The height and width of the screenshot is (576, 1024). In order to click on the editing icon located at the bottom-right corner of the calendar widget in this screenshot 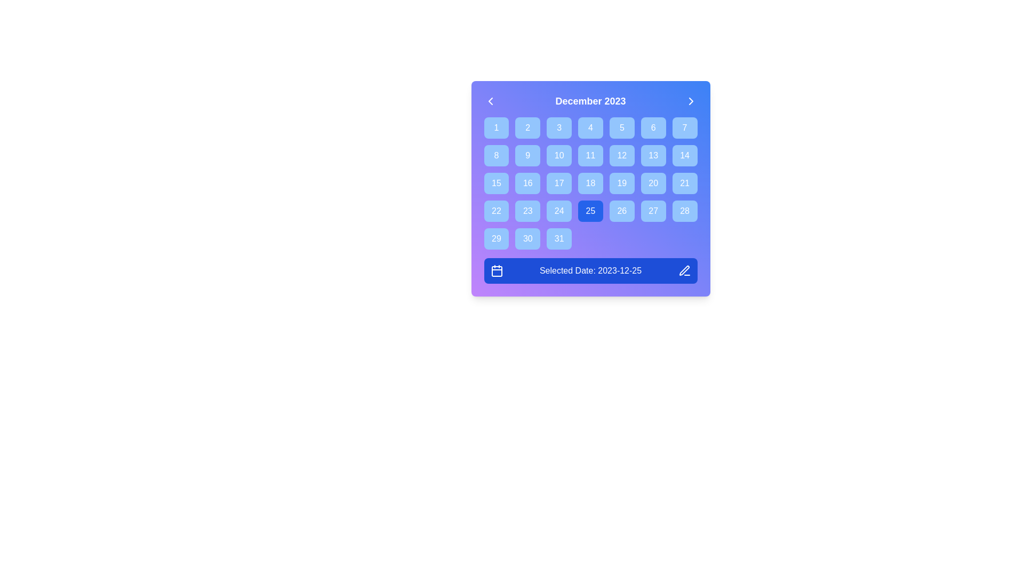, I will do `click(684, 270)`.